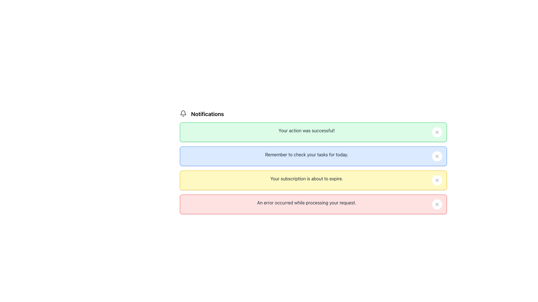  What do you see at coordinates (306, 154) in the screenshot?
I see `informational text content located centrally within the second notification block from the top` at bounding box center [306, 154].